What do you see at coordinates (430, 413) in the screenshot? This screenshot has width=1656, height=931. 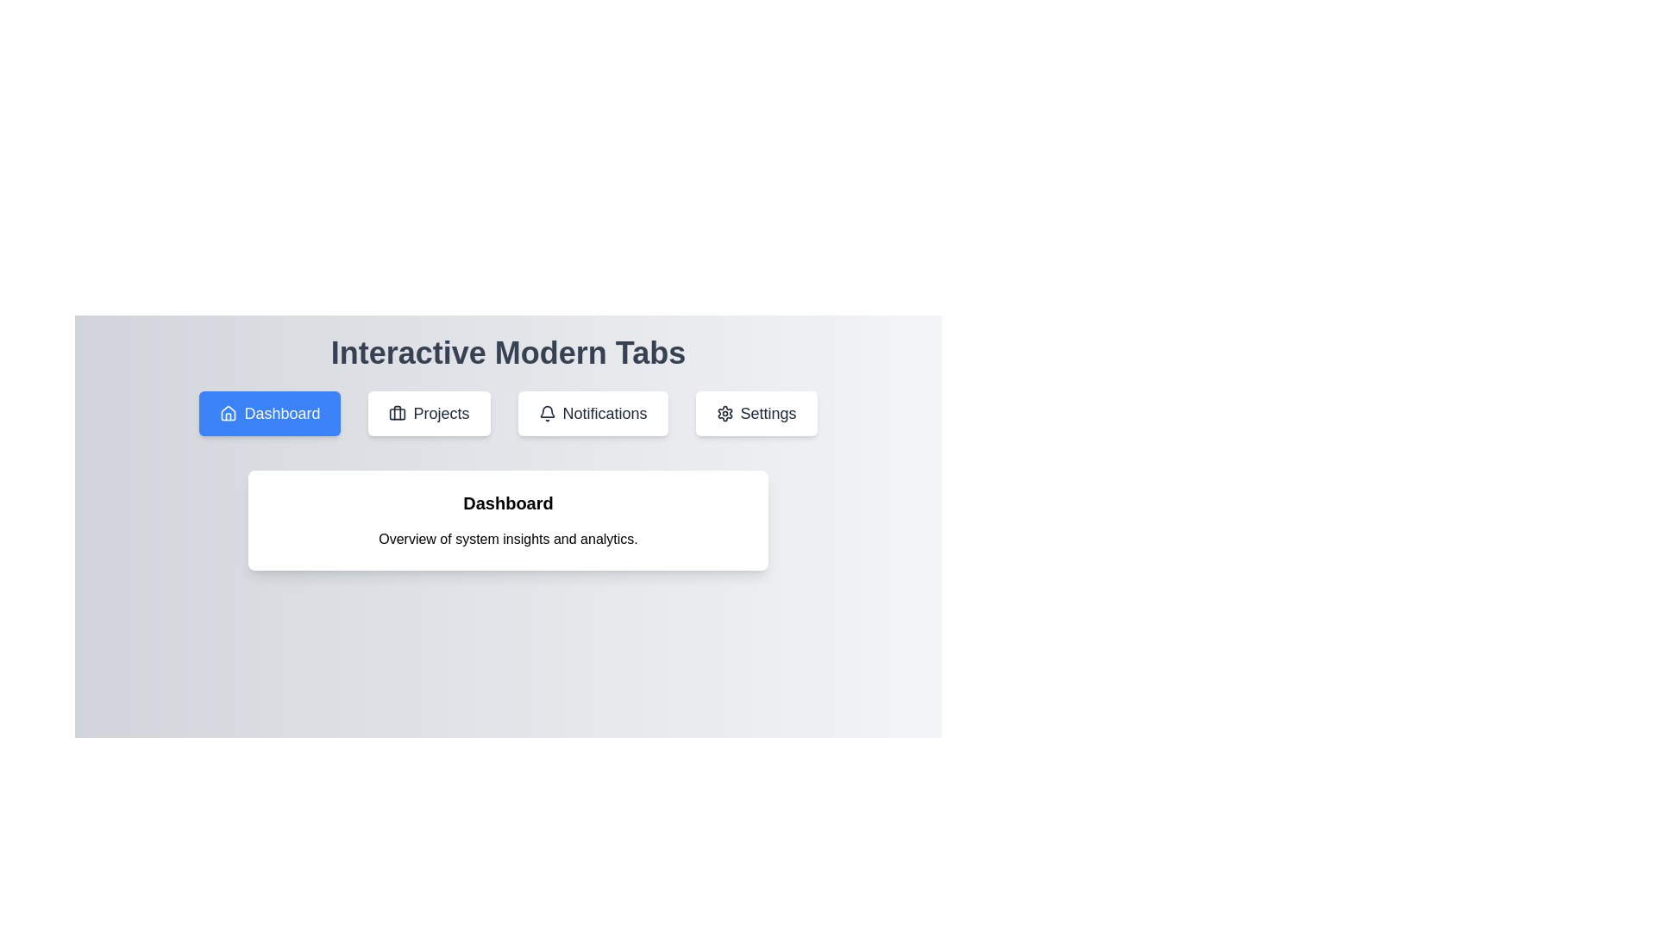 I see `the 'Projects' button, which has a white background, gray text, and a briefcase icon` at bounding box center [430, 413].